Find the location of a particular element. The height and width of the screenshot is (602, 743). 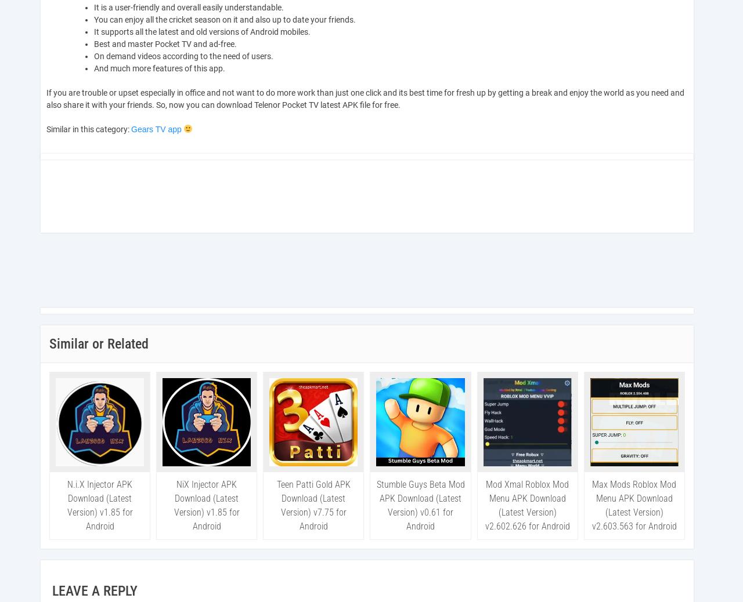

'It supports all the latest and old versions of Android mobiles.' is located at coordinates (202, 31).